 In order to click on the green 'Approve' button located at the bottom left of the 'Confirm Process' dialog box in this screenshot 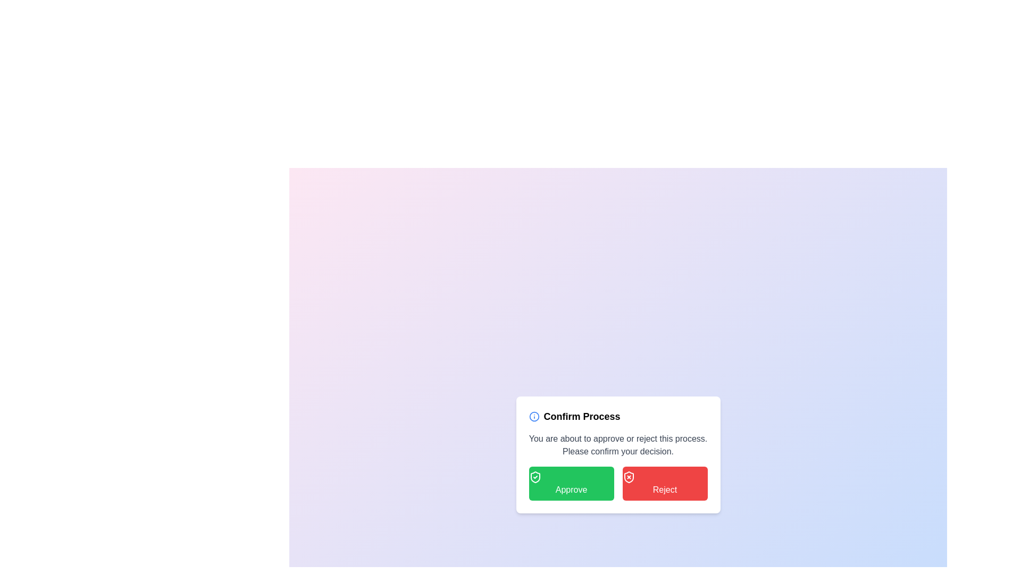, I will do `click(571, 484)`.